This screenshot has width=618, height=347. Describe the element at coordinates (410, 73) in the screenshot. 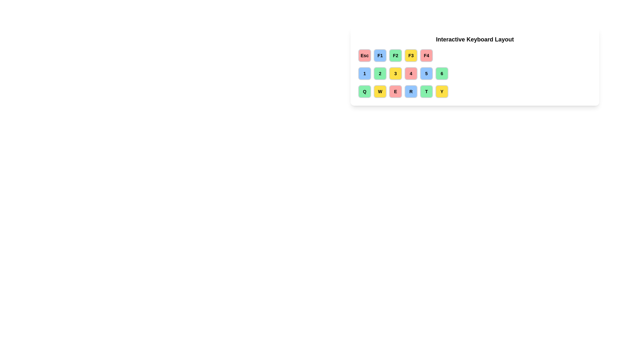

I see `the square button with a pink-red background and the number '4' in bold black text, located in the middle row of the grid layout, fourth from the left` at that location.